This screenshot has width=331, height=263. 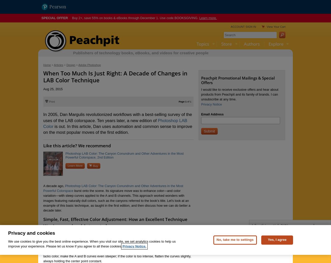 I want to click on 'of 1', so click(x=189, y=101).